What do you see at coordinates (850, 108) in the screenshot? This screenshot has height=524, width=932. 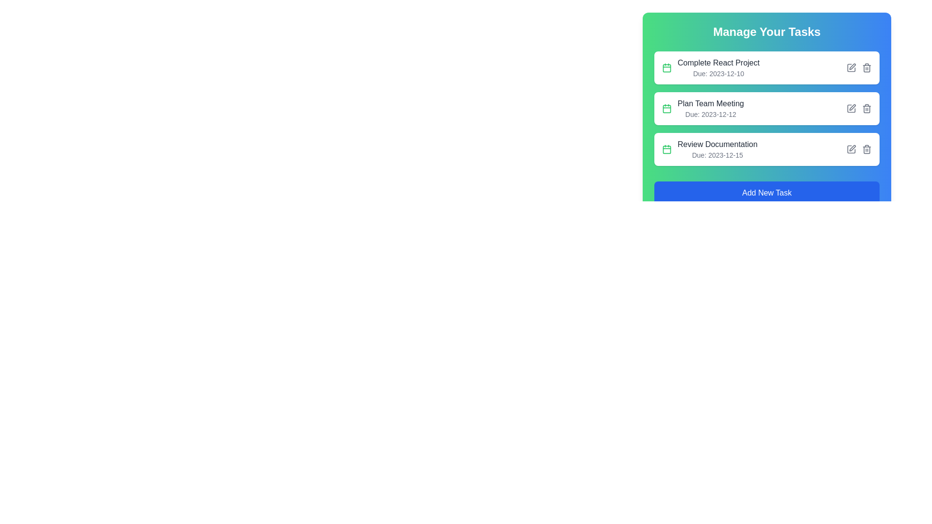 I see `the square-shaped icon button with a geometric outline located in the task management interface, specifically in the second task row labeled 'Plan Team Meeting'` at bounding box center [850, 108].